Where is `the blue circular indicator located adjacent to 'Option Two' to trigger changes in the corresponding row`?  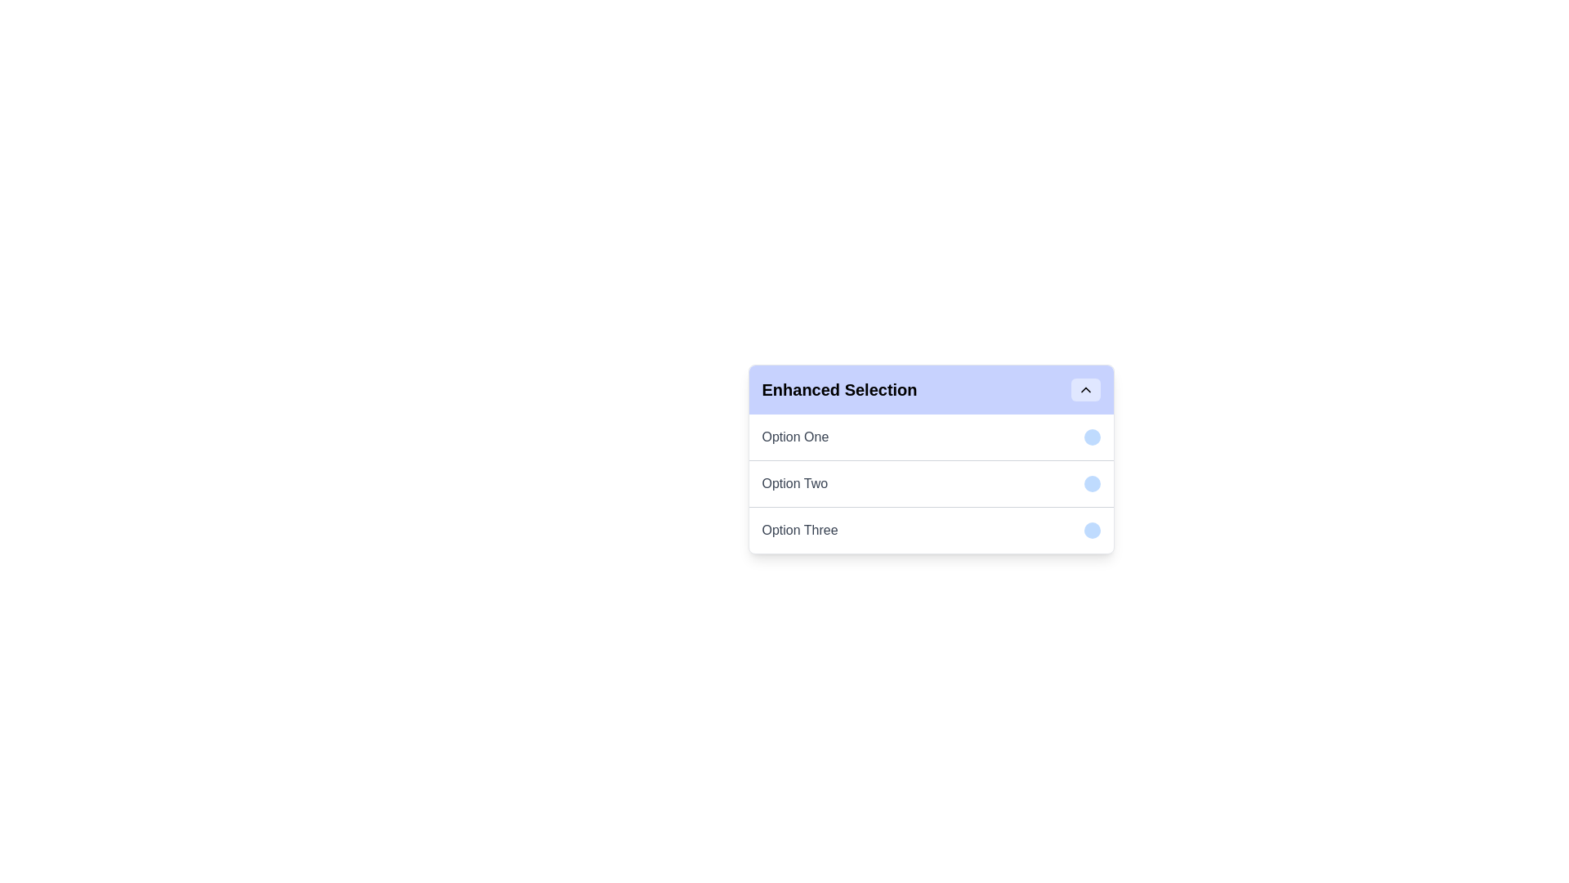
the blue circular indicator located adjacent to 'Option Two' to trigger changes in the corresponding row is located at coordinates (1092, 482).